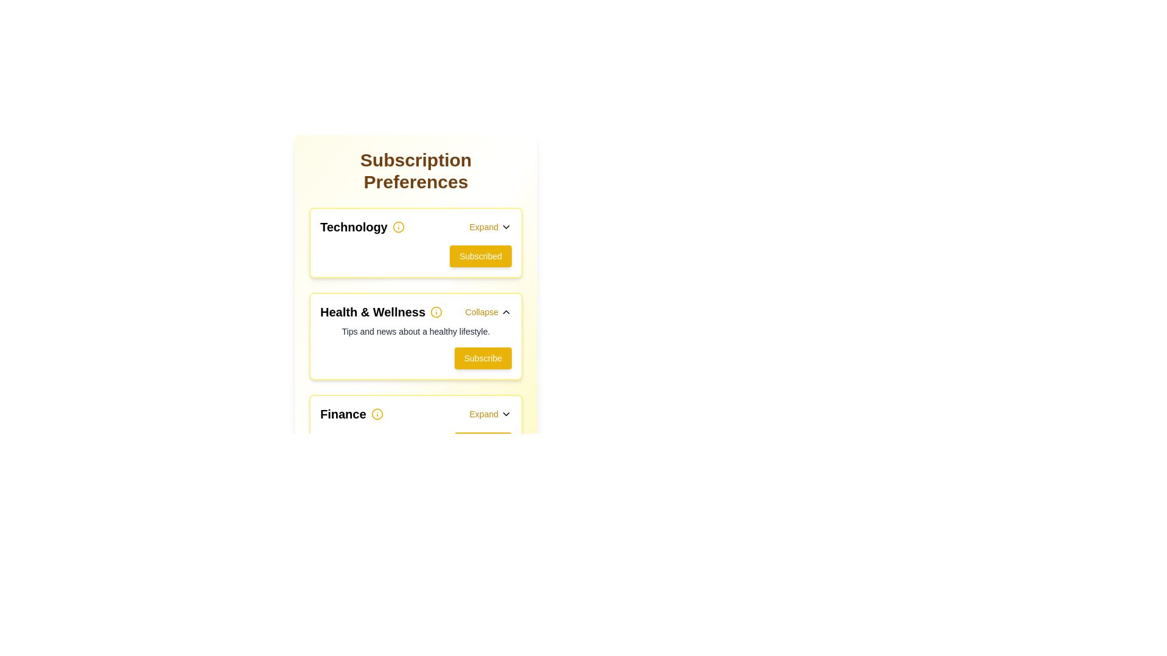 The image size is (1167, 656). What do you see at coordinates (506, 311) in the screenshot?
I see `the upward-pointing arrow icon with a black outline, adjacent to the 'Collapse' text` at bounding box center [506, 311].